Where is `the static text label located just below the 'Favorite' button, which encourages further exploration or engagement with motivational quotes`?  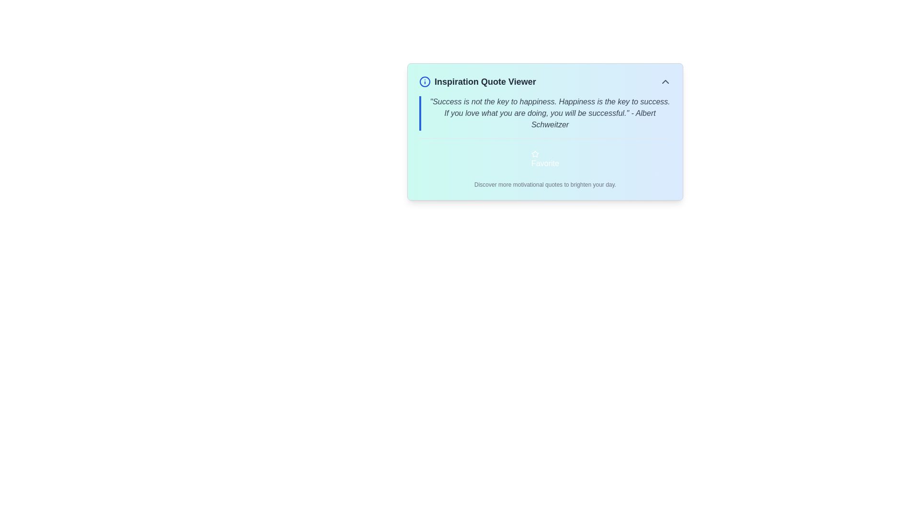
the static text label located just below the 'Favorite' button, which encourages further exploration or engagement with motivational quotes is located at coordinates (545, 184).